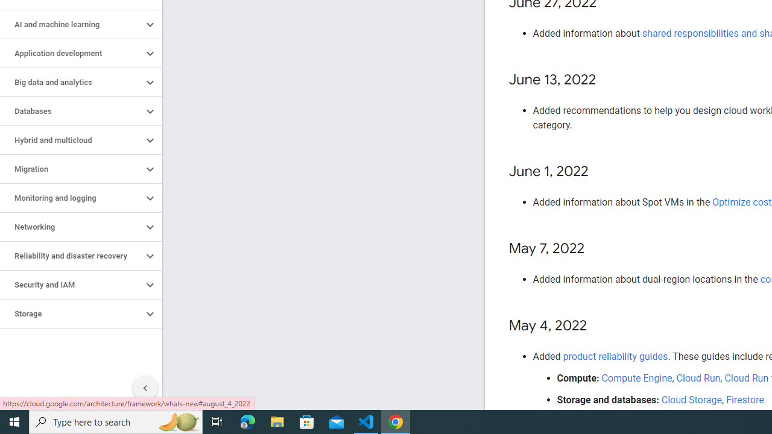  What do you see at coordinates (599, 326) in the screenshot?
I see `'Copy link to this section: May 4, 2022'` at bounding box center [599, 326].